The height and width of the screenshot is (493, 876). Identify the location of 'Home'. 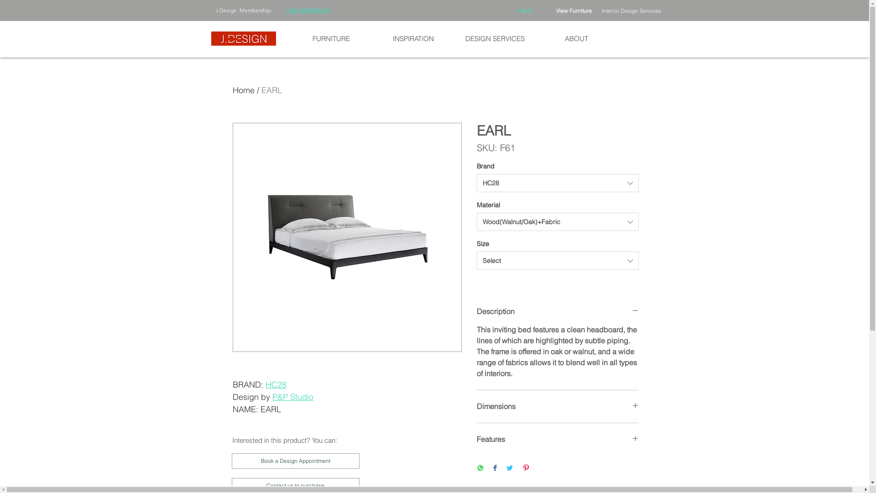
(243, 90).